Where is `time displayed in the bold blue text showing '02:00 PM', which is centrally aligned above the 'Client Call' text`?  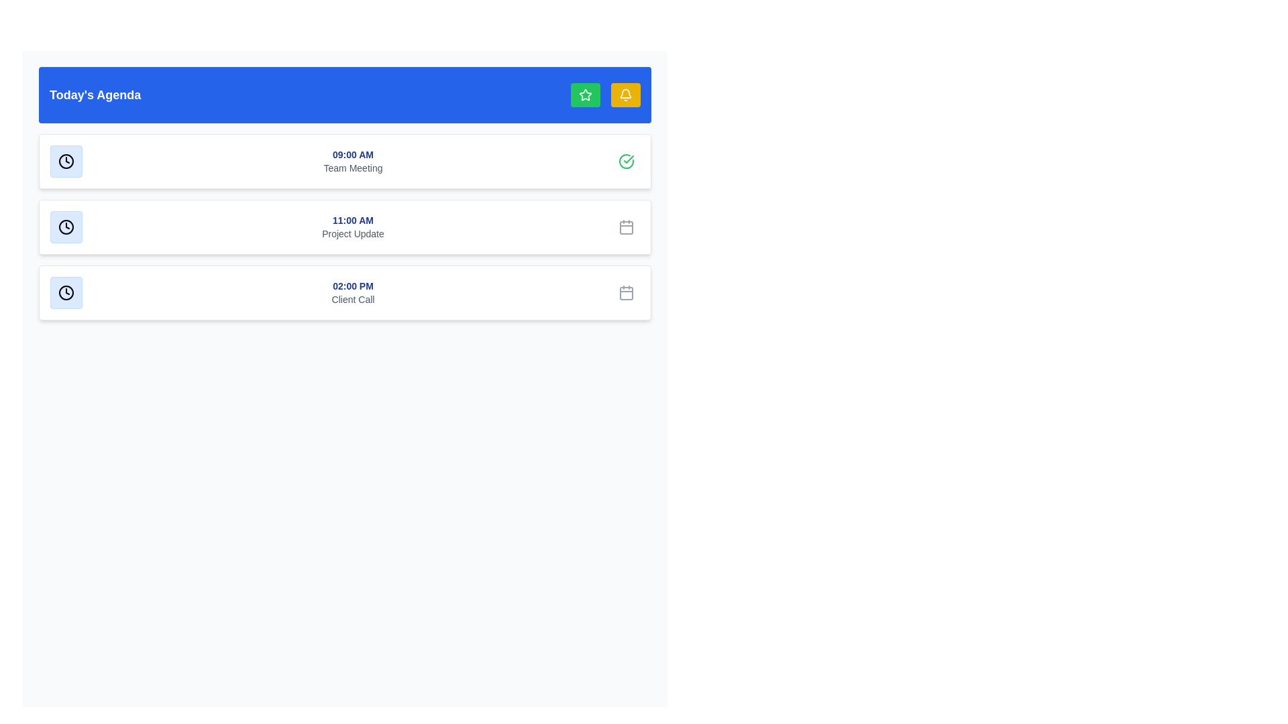
time displayed in the bold blue text showing '02:00 PM', which is centrally aligned above the 'Client Call' text is located at coordinates (353, 286).